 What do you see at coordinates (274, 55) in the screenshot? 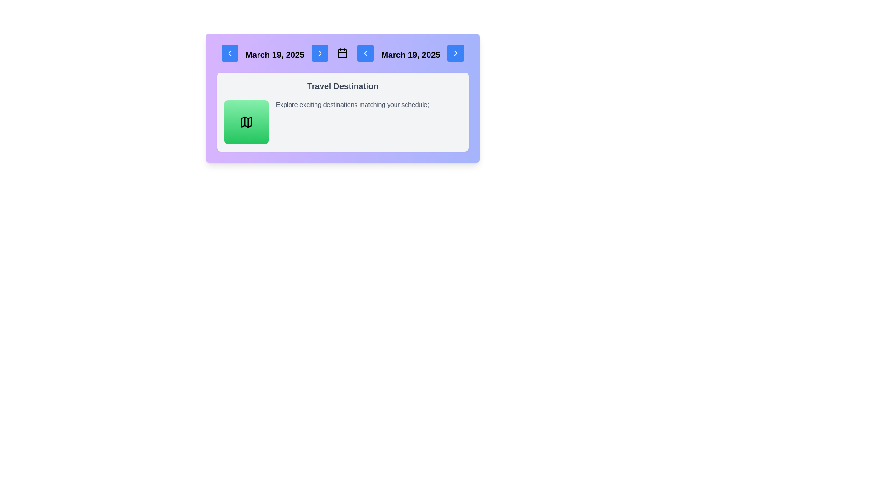
I see `the text label displaying 'March 19, 2025' in bold, located centrally at the top of the interface within the header` at bounding box center [274, 55].